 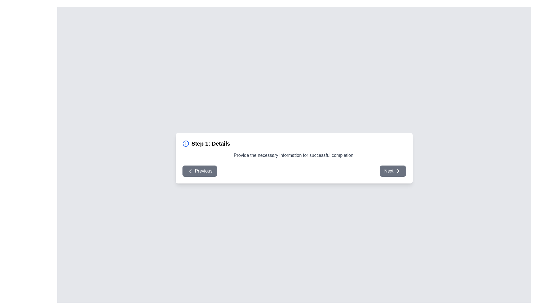 What do you see at coordinates (398, 171) in the screenshot?
I see `the appearance of the right-pointing arrow icon, which is styled for navigation and located to the right of the 'Next' button, indicating progression` at bounding box center [398, 171].